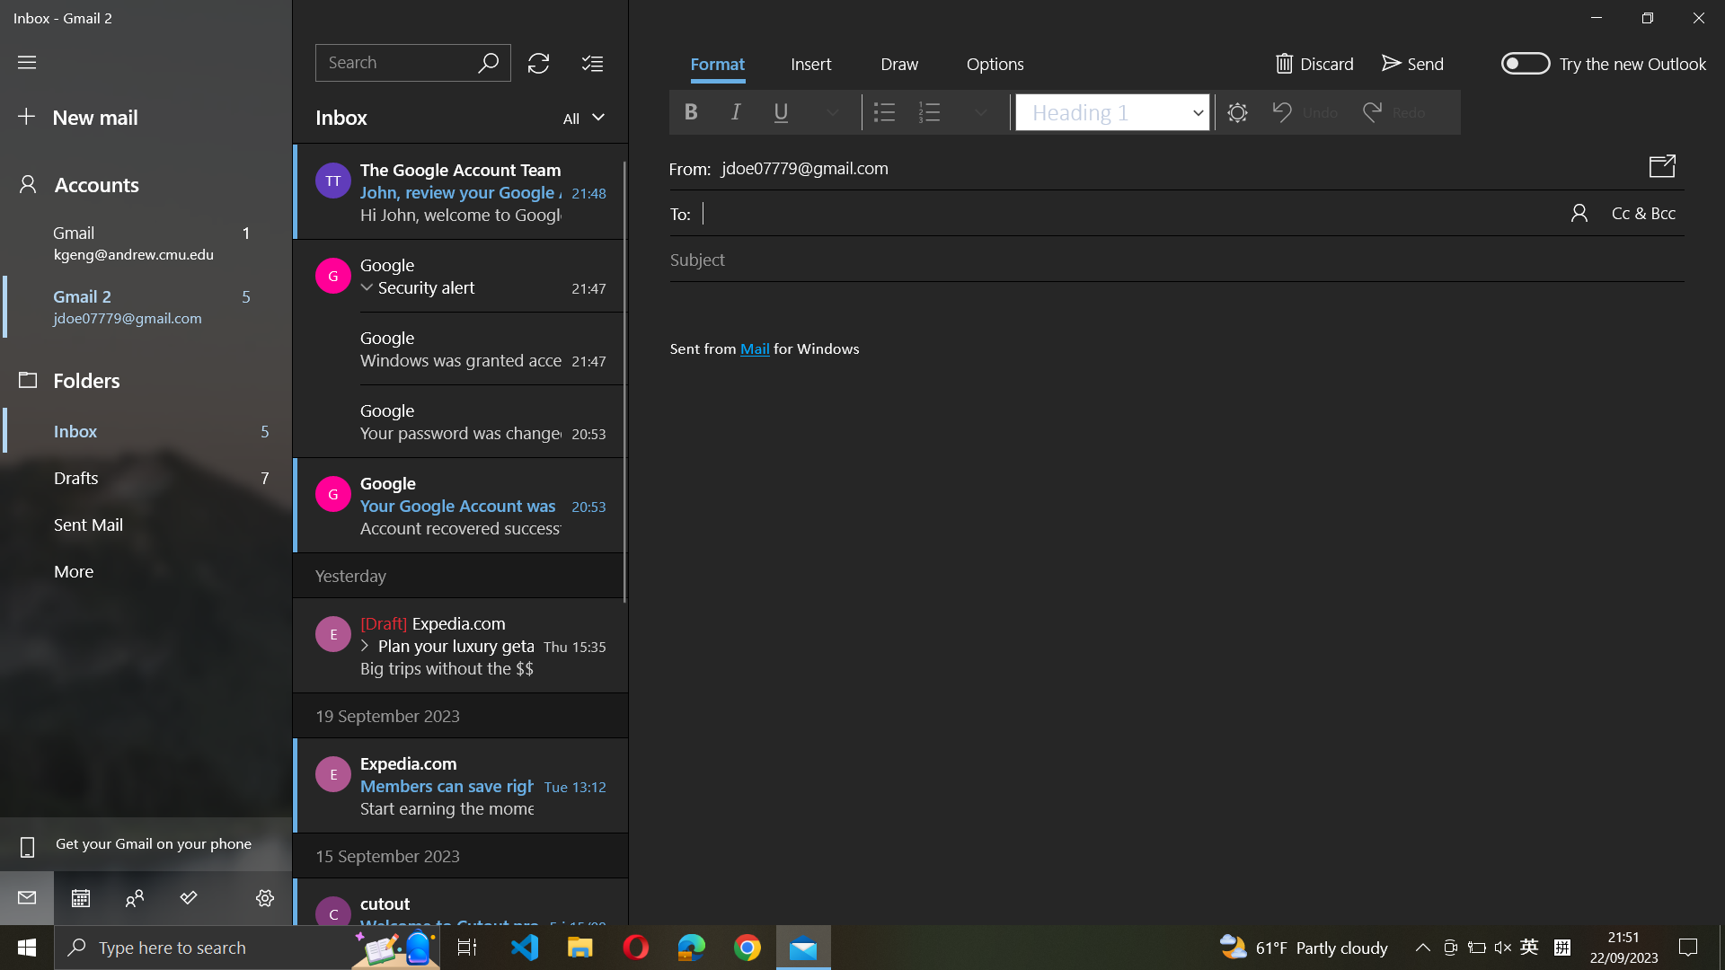  I want to click on Edit the signature to "John" and underline it, so click(1182, 567).